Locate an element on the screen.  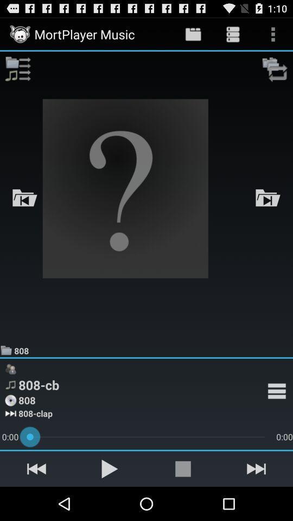
the play icon is located at coordinates (110, 501).